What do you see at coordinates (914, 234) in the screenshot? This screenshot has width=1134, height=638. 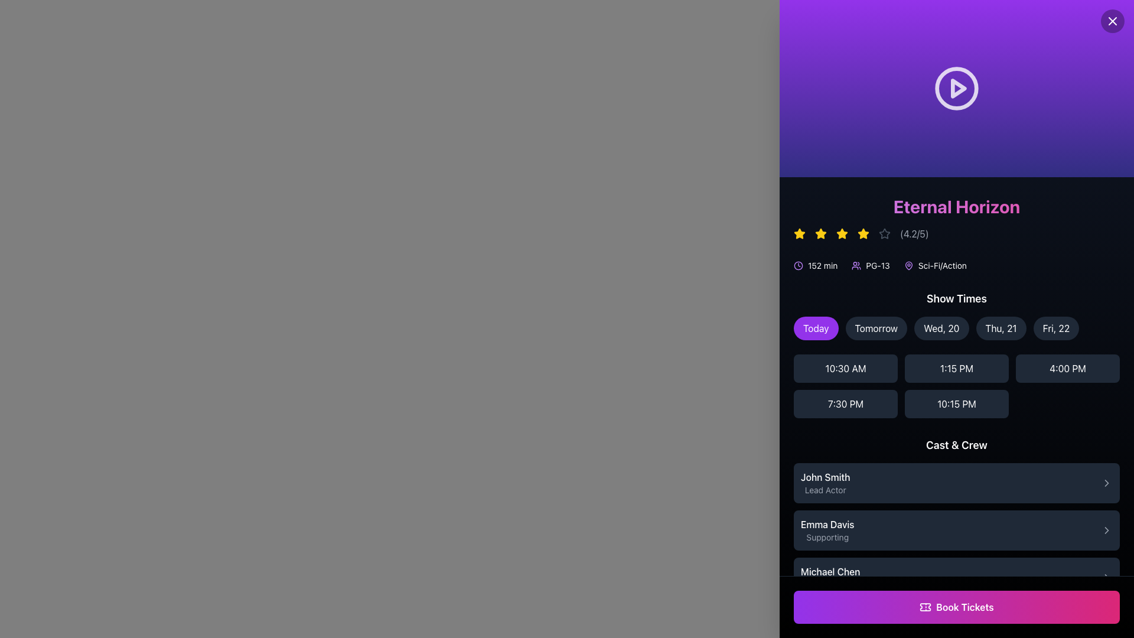 I see `the text label displaying the rating '(4.2/5)', which is light gray and positioned next to star icons under the title 'Eternal Horizon'` at bounding box center [914, 234].